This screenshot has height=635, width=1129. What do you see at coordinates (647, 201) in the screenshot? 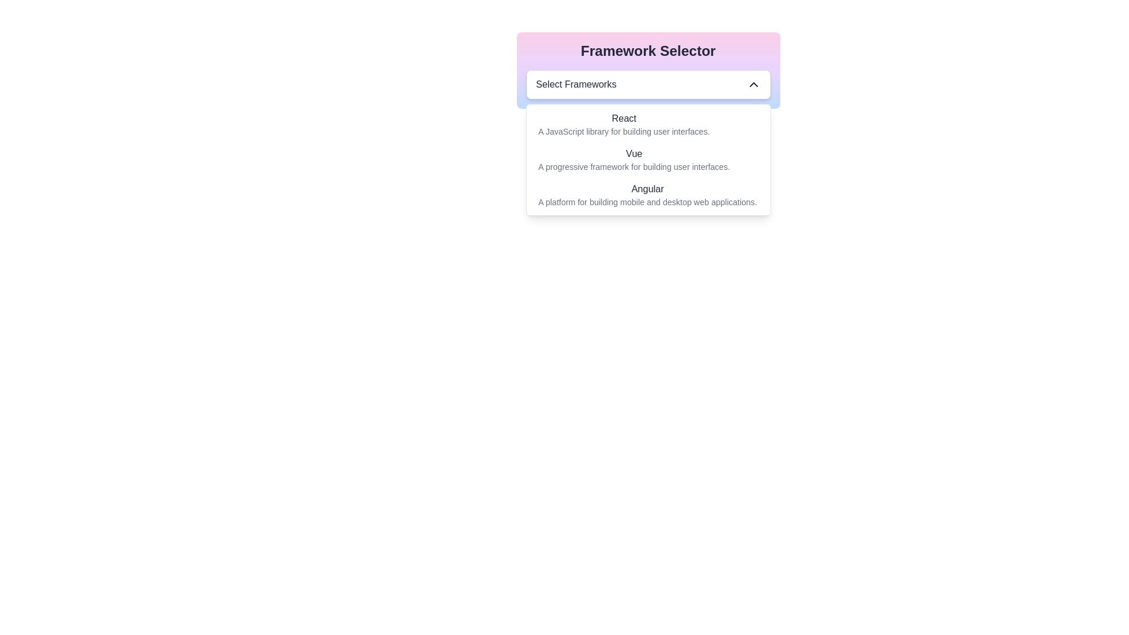
I see `the text label that provides a brief description of the Angular framework, located in the dropdown menu under 'Angular' as the second line of text` at bounding box center [647, 201].